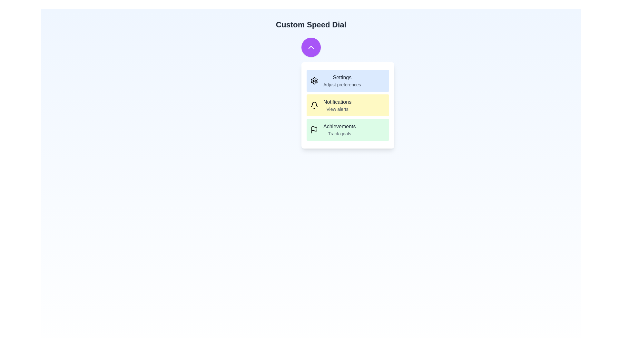  Describe the element at coordinates (311, 47) in the screenshot. I see `the expand/collapse button to toggle the menu` at that location.